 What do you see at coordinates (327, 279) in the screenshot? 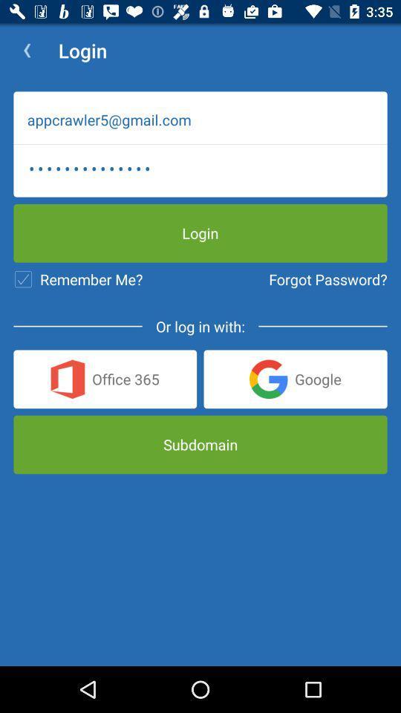
I see `the item below appcrawler3116 icon` at bounding box center [327, 279].